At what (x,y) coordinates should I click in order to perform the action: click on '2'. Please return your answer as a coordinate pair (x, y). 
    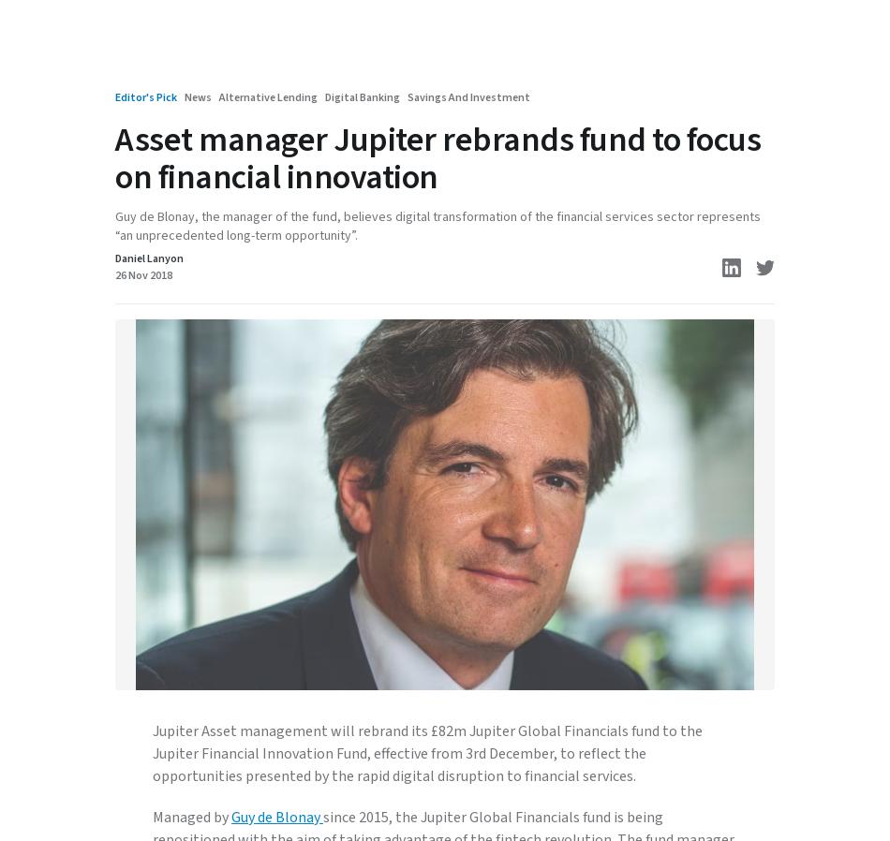
    Looking at the image, I should click on (133, 670).